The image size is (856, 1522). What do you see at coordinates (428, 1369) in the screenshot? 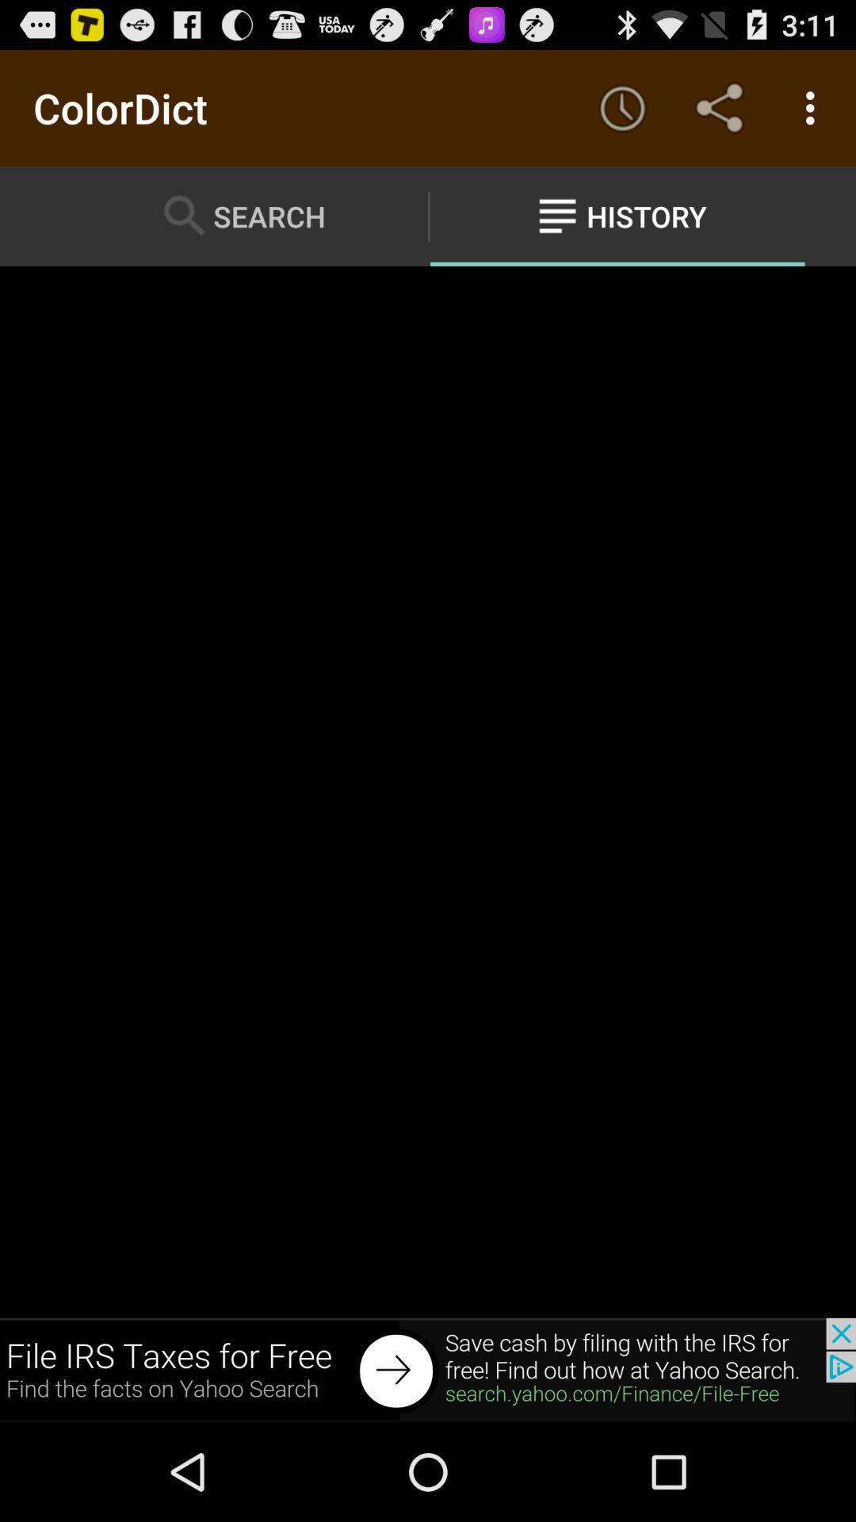
I see `new advertisement go option` at bounding box center [428, 1369].